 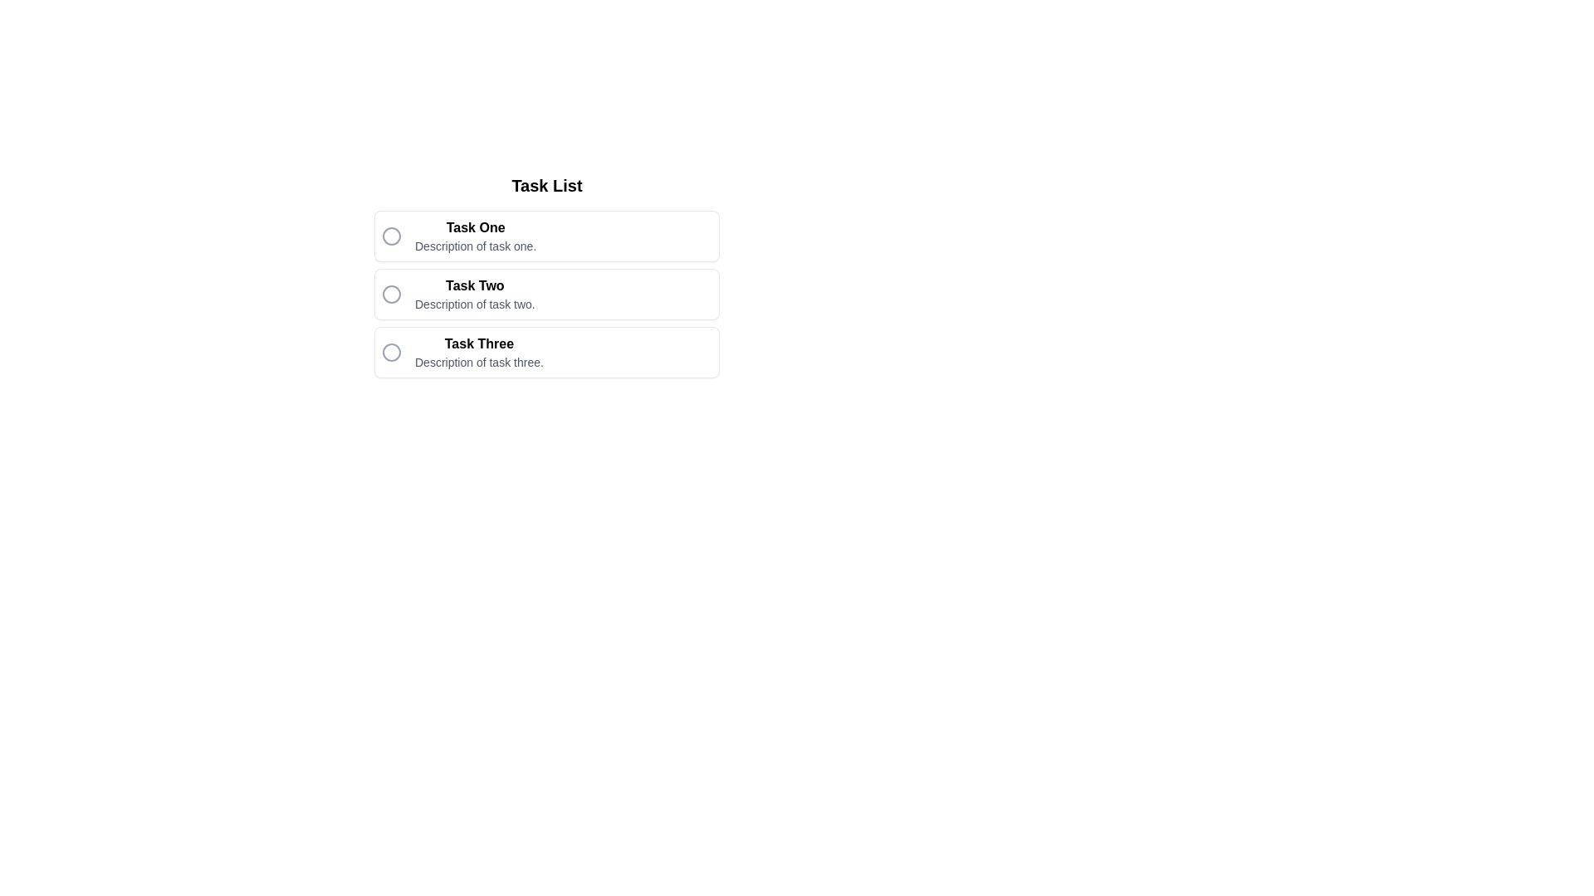 I want to click on text label located in the third row of the 'Task List', which is above the description 'Description of task three', so click(x=478, y=343).